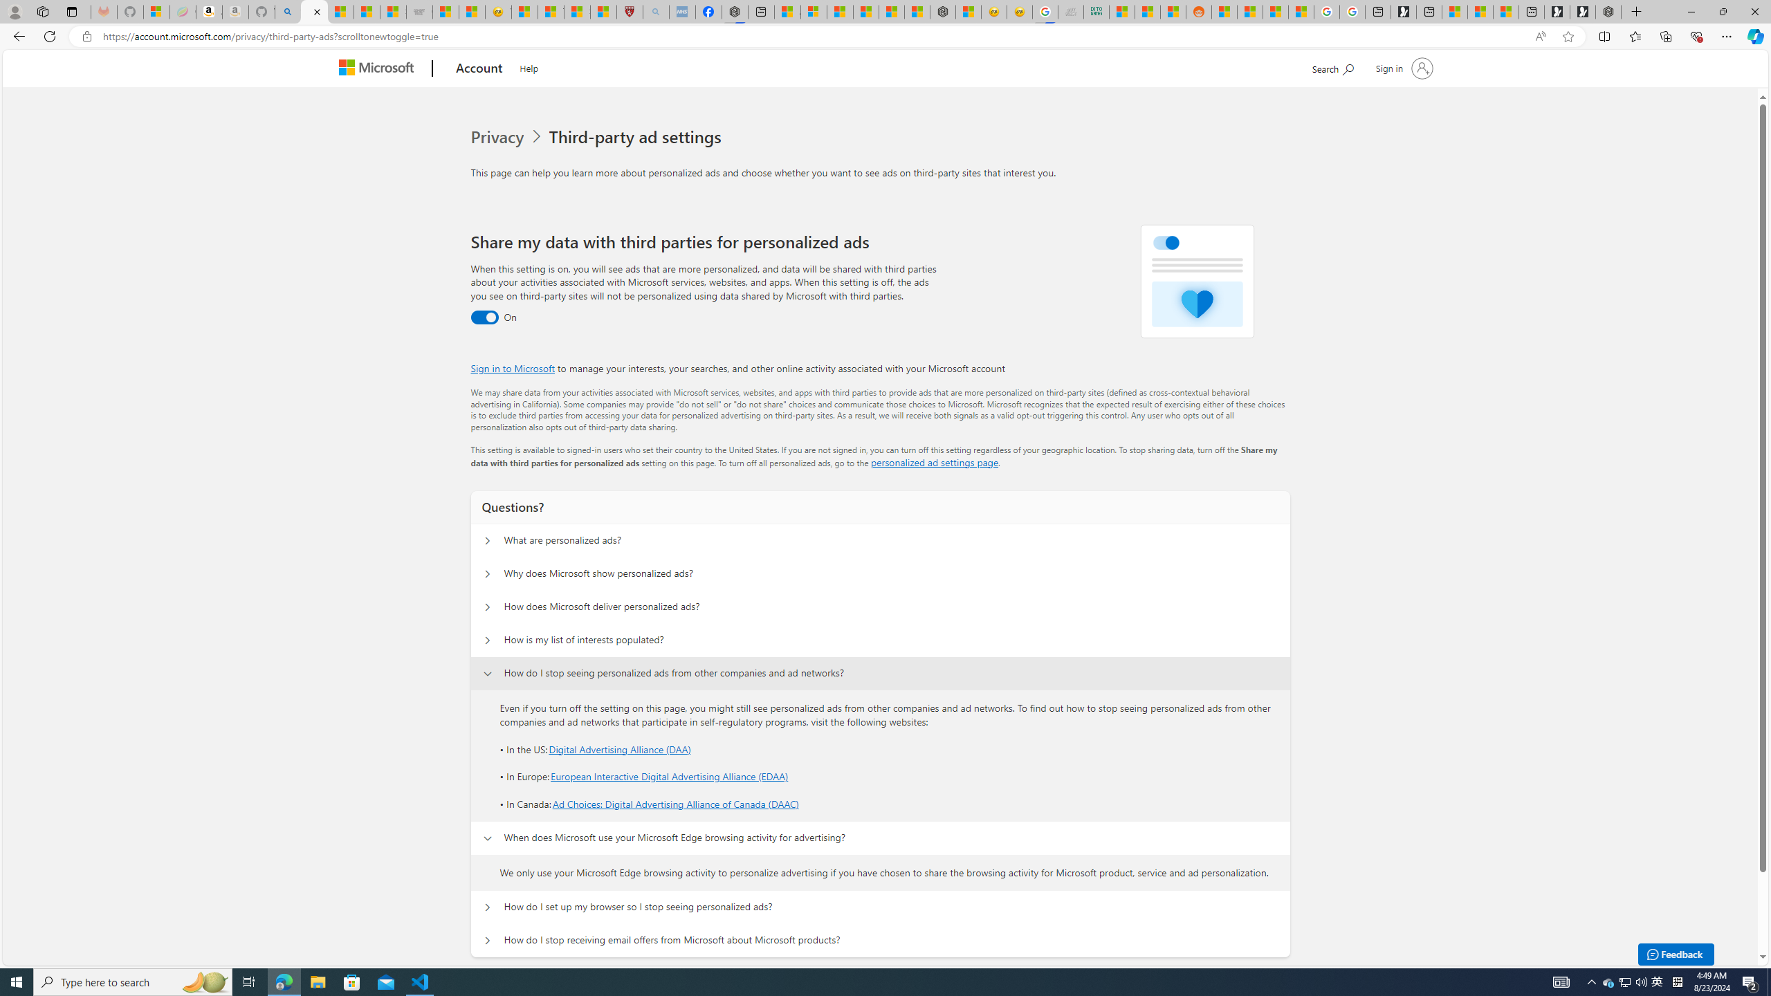 The width and height of the screenshot is (1771, 996). What do you see at coordinates (1070, 11) in the screenshot?
I see `'Navy Quest'` at bounding box center [1070, 11].